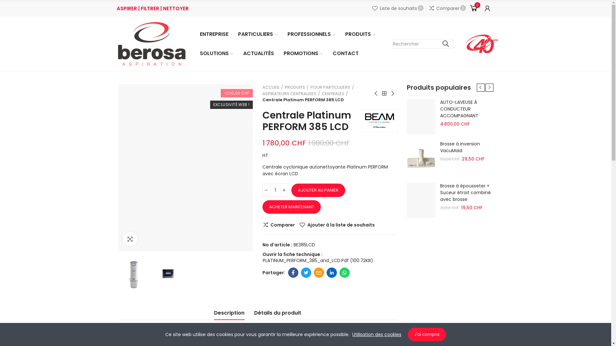 This screenshot has width=616, height=346. I want to click on 'SOLUTIONS', so click(217, 53).